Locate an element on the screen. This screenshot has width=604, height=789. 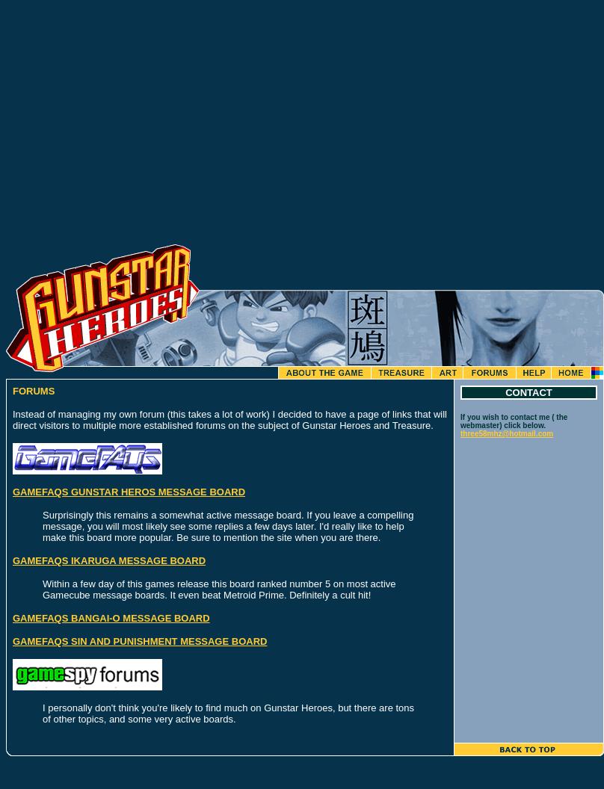
'Surprisingly 
                      this remains a somewhat active message board. If you leave 
                      a compelling message, you will most likely see some replies 
                      a few days later. I'd really like to help make this board 
                      more popular. Be sure to mention the site when you are there.' is located at coordinates (227, 526).